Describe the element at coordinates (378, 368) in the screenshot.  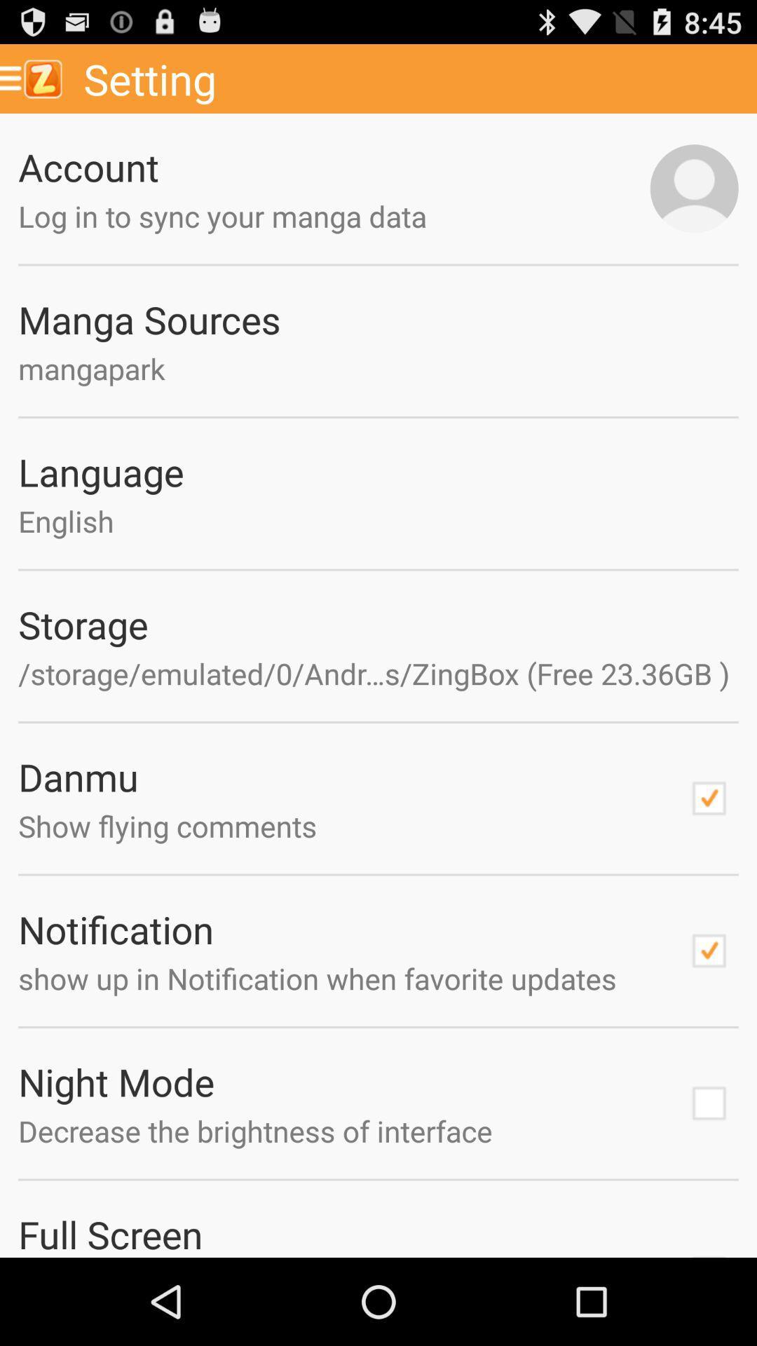
I see `text below manga sources` at that location.